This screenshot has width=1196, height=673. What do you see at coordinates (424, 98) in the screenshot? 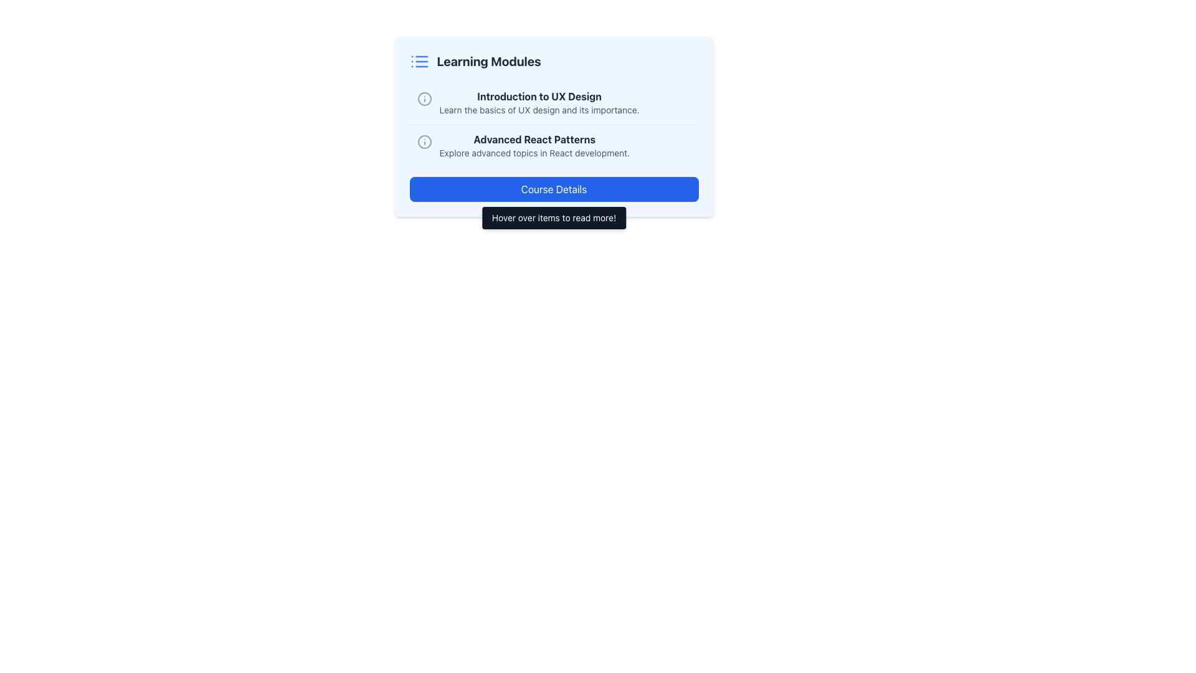
I see `the circular icon with a gray outline and an 'i' symbol located before the text 'Introduction to UX Design' in the 'Learning Modules' section` at bounding box center [424, 98].